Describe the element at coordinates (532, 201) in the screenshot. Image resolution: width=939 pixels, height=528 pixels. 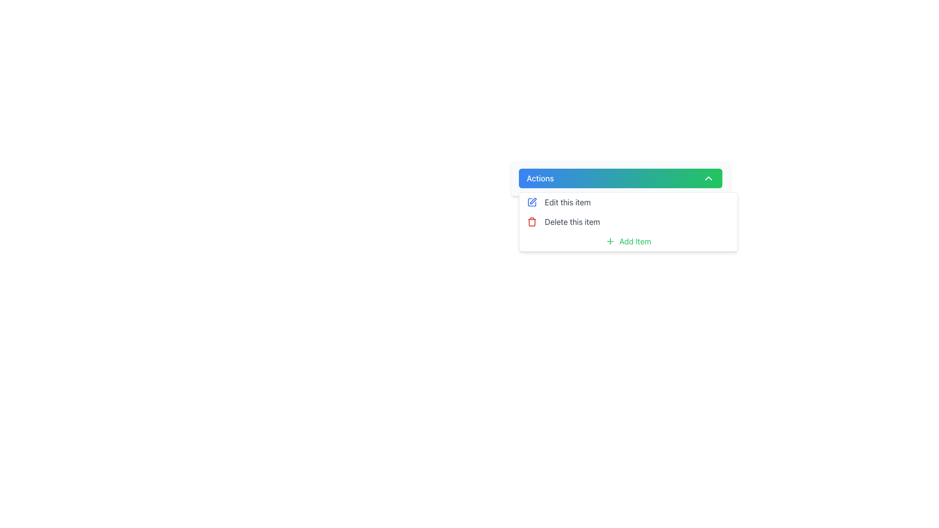
I see `the vibrant blue pen icon located in the dropdown menu labeled 'Actions'` at that location.